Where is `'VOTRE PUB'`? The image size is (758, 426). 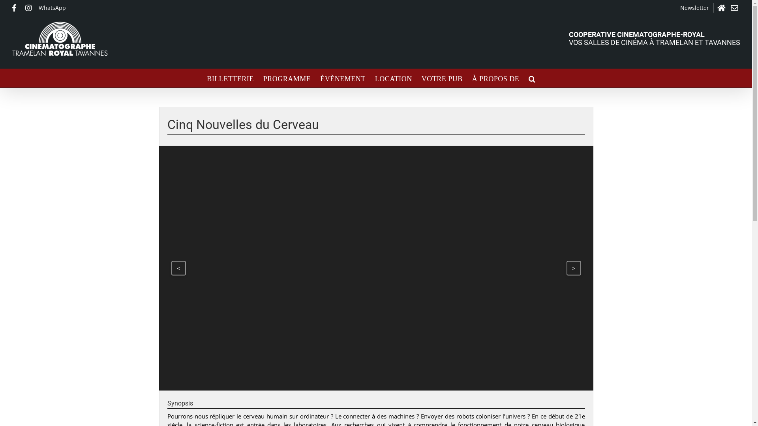
'VOTRE PUB' is located at coordinates (441, 78).